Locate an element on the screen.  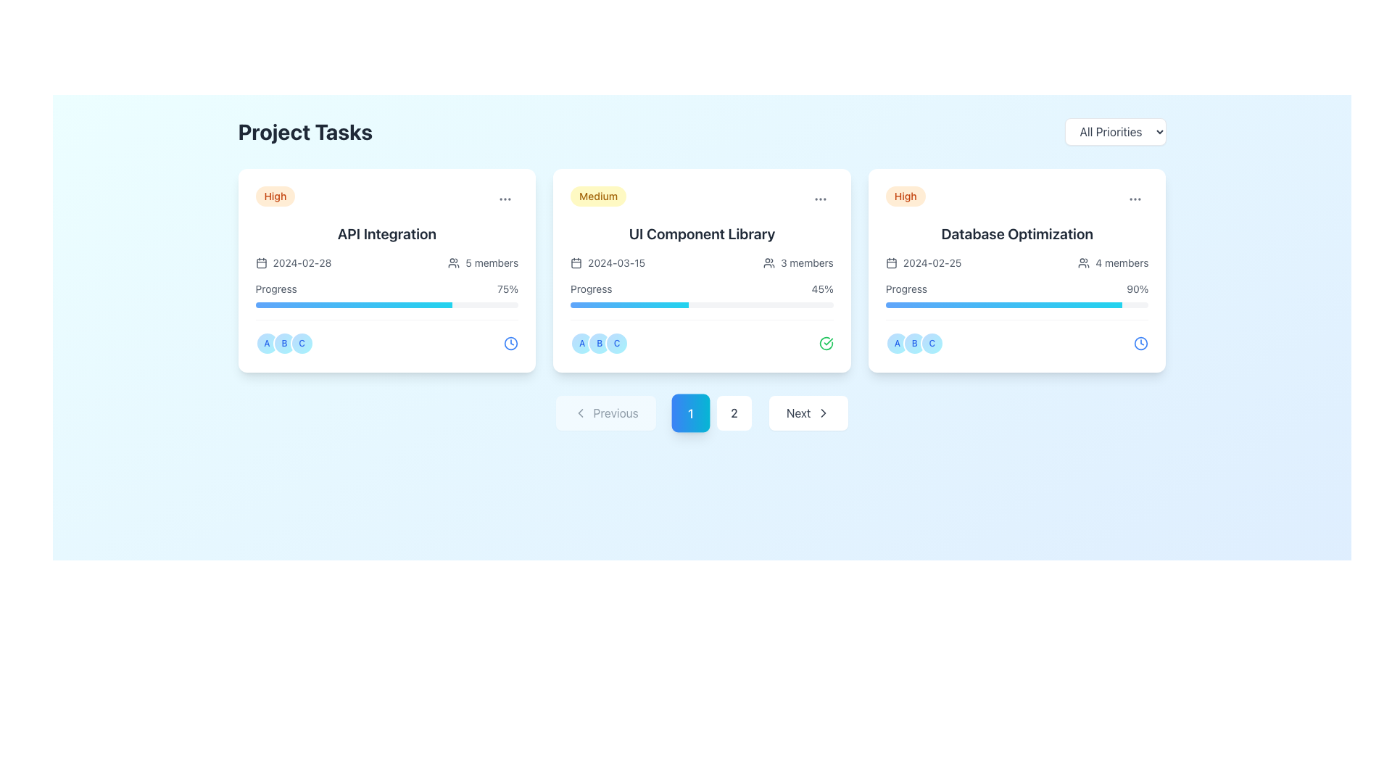
progress is located at coordinates (937, 304).